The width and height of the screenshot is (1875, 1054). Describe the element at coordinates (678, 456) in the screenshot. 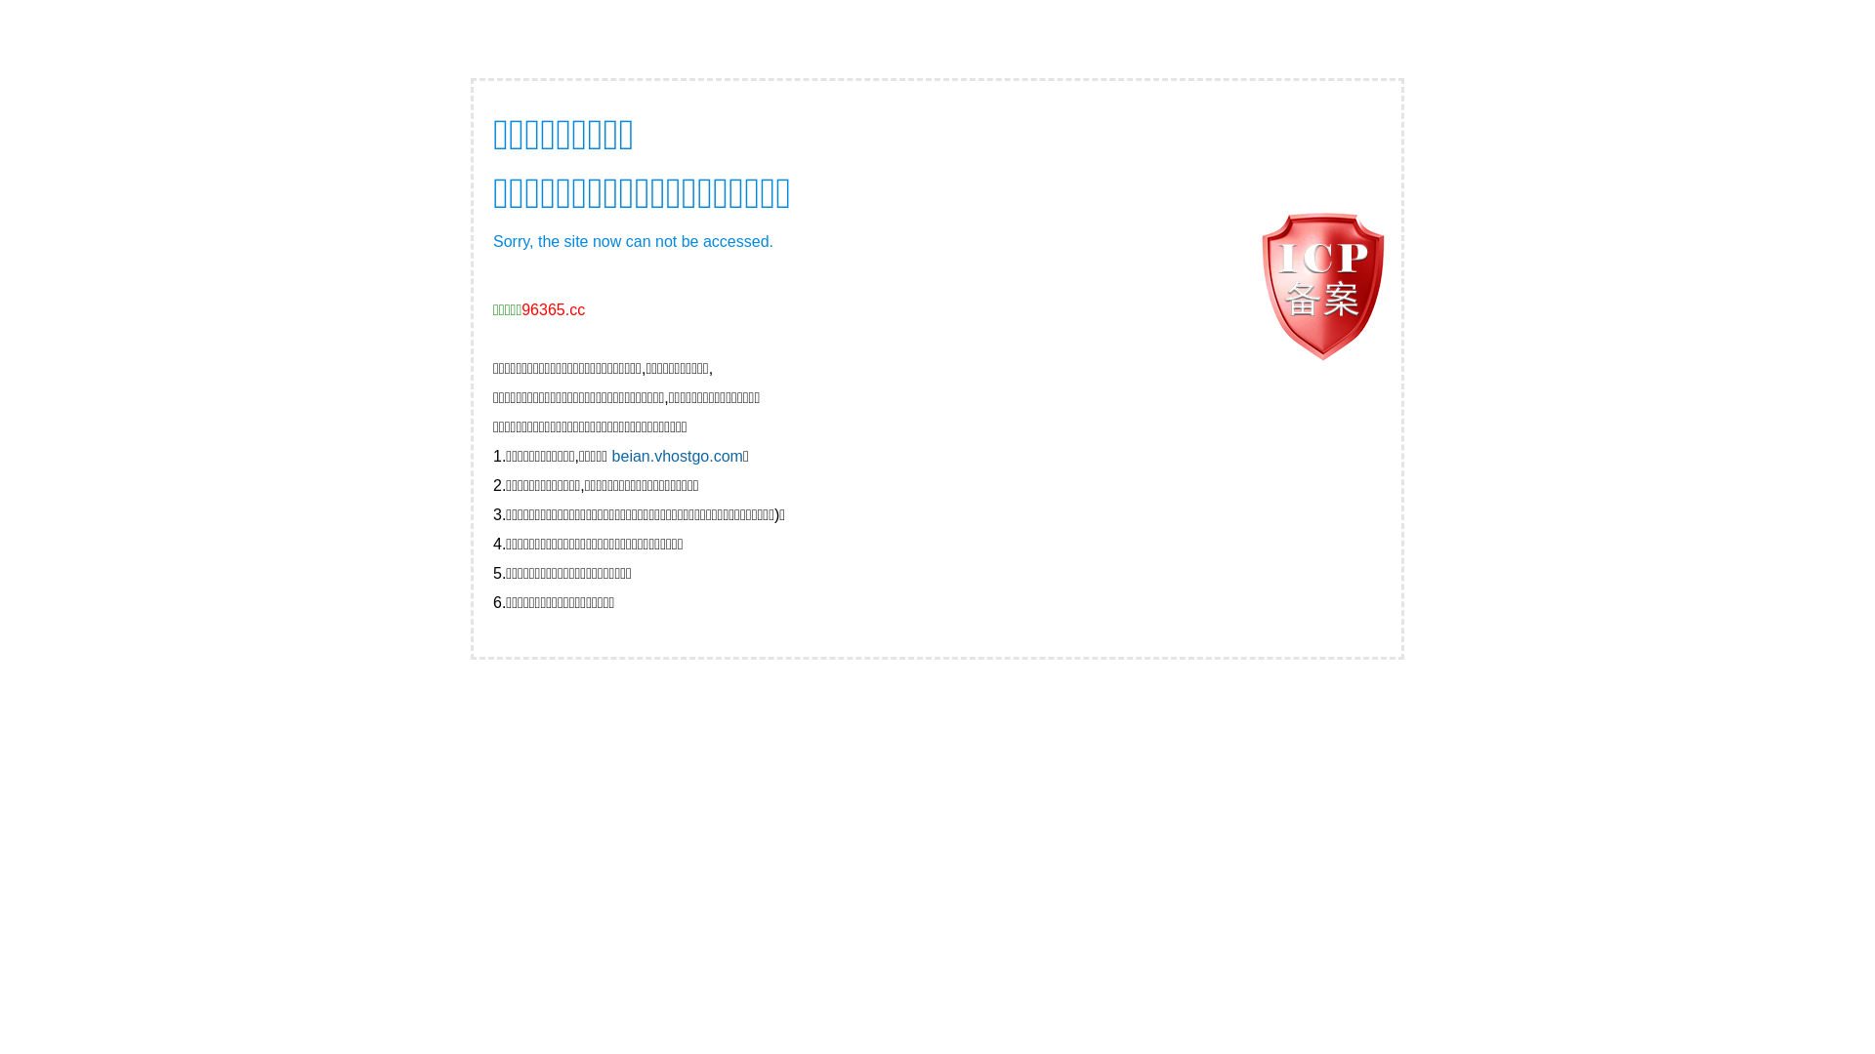

I see `'beian.vhostgo.com'` at that location.